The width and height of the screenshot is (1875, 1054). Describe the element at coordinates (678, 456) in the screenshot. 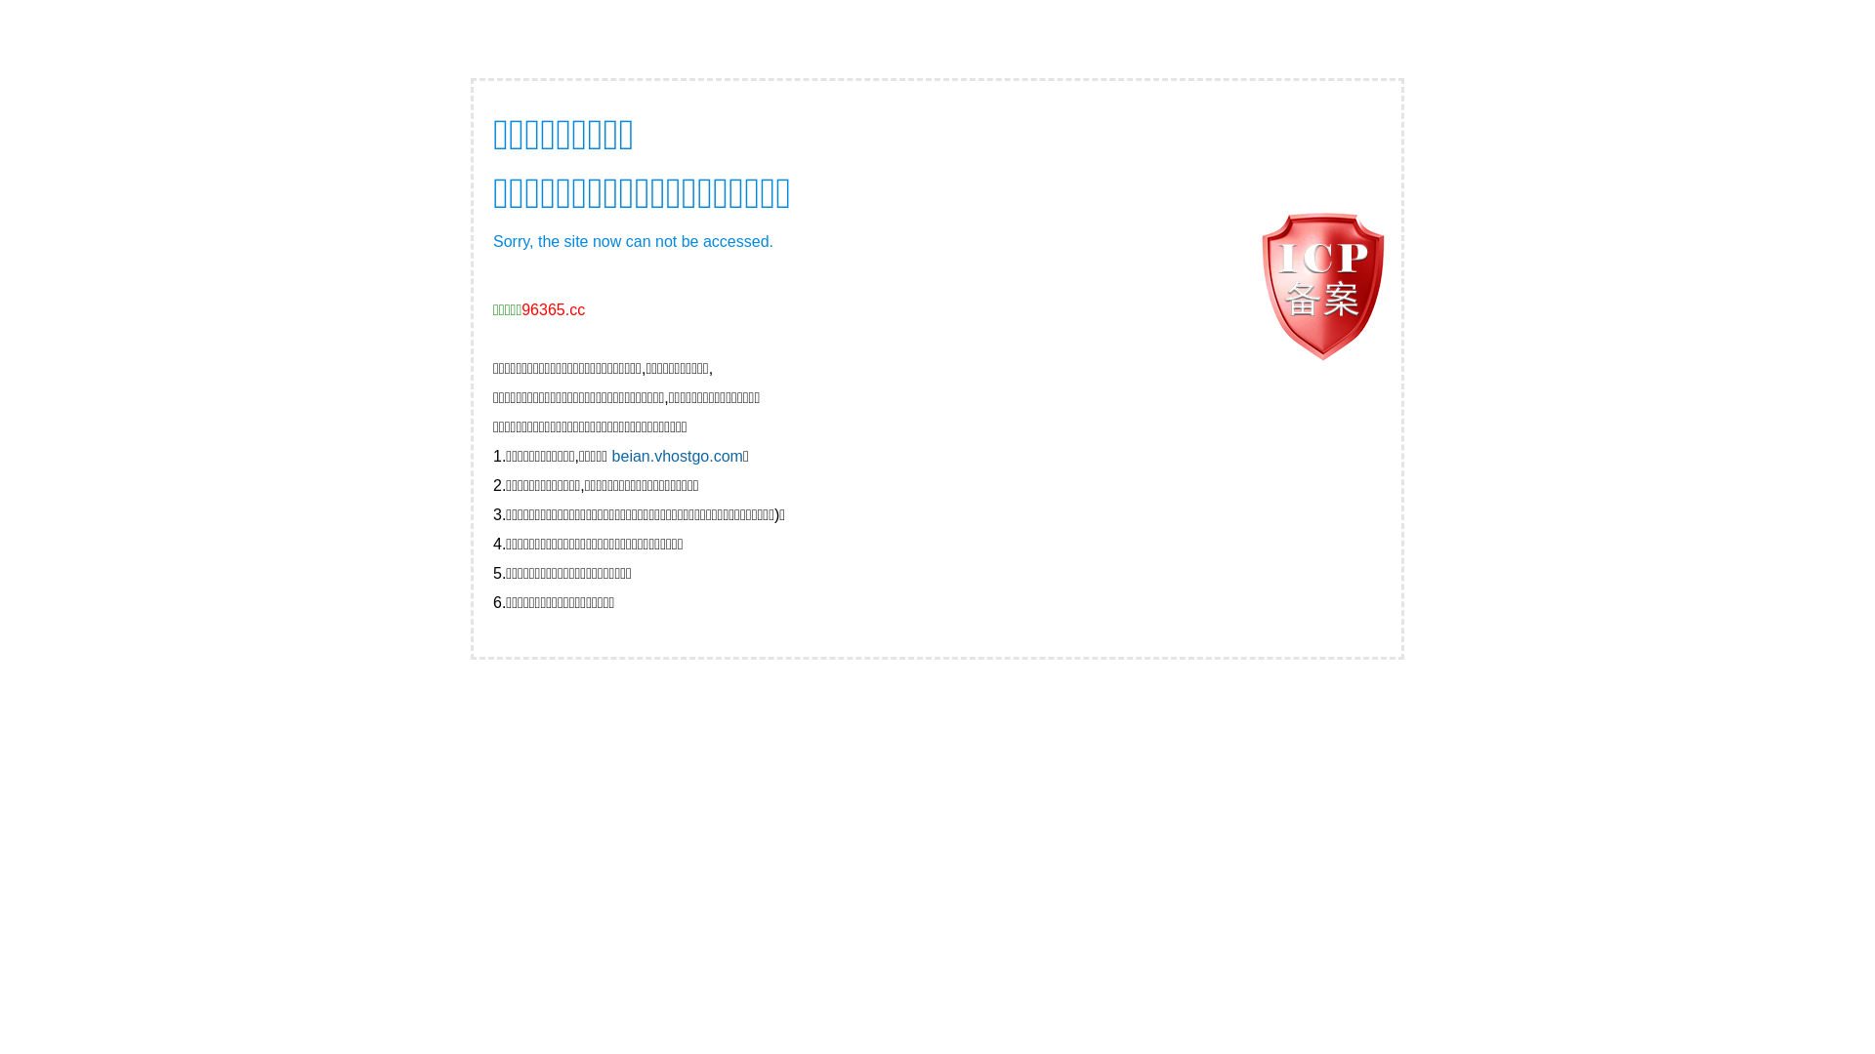

I see `'beian.vhostgo.com'` at that location.